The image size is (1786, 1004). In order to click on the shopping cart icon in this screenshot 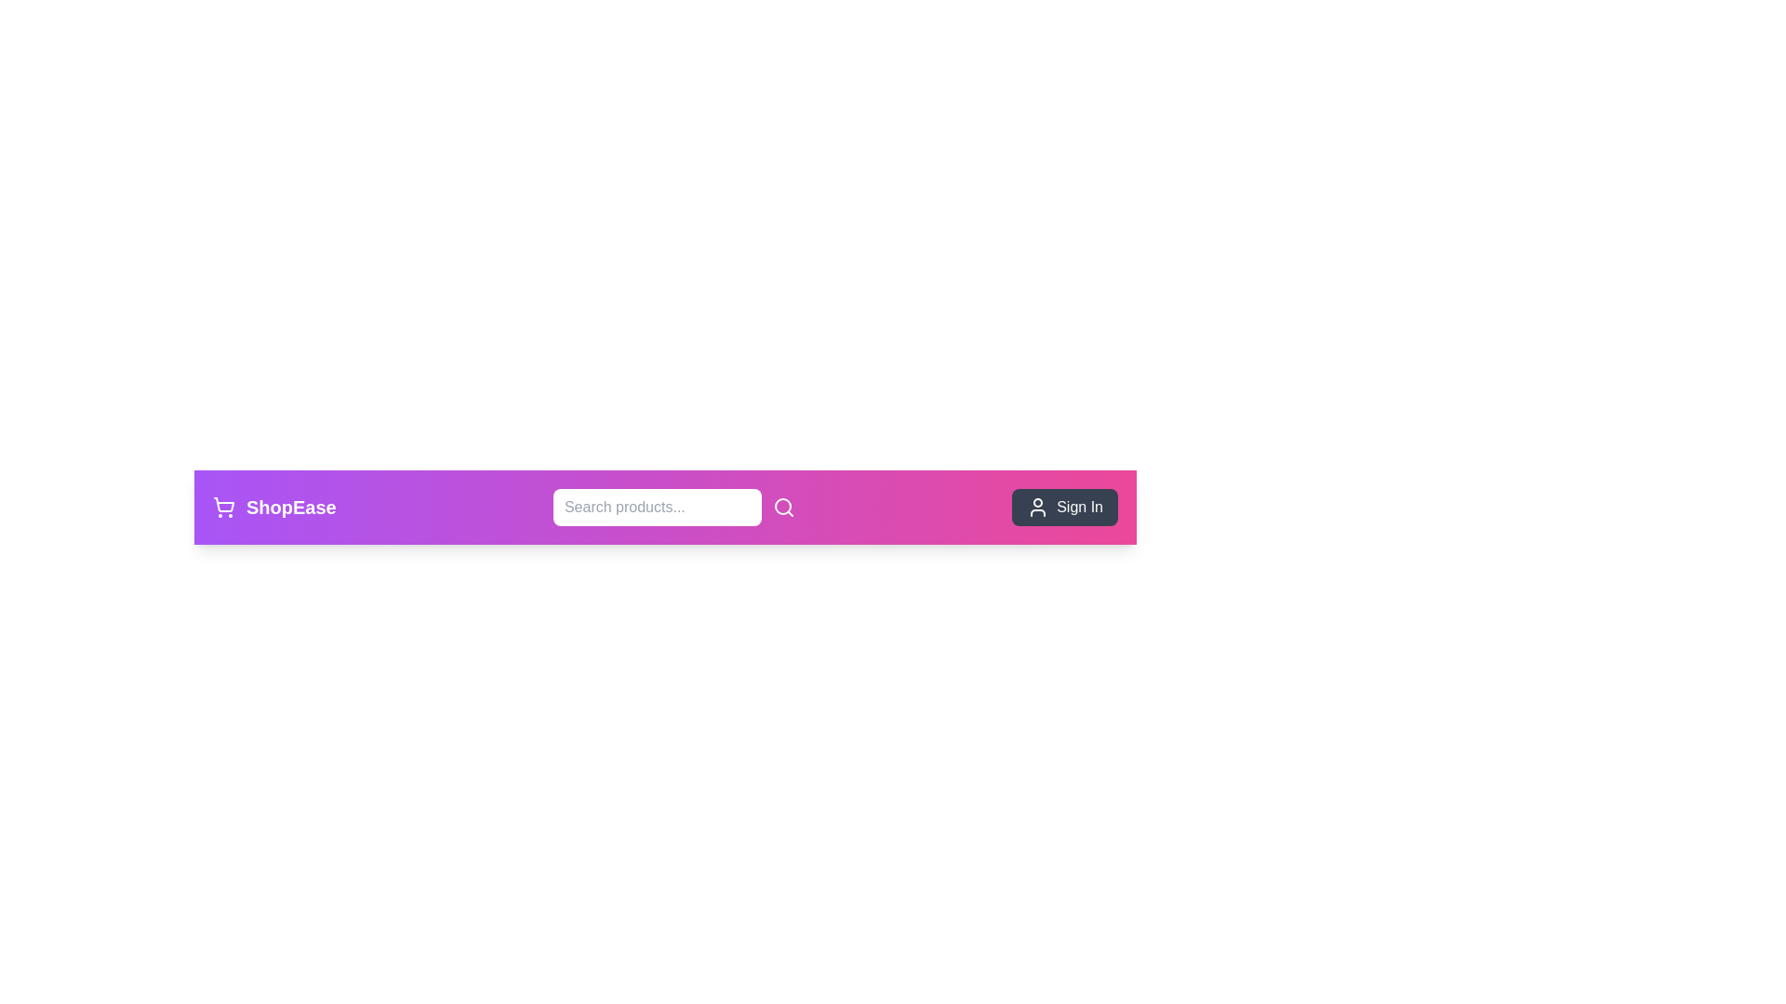, I will do `click(223, 508)`.